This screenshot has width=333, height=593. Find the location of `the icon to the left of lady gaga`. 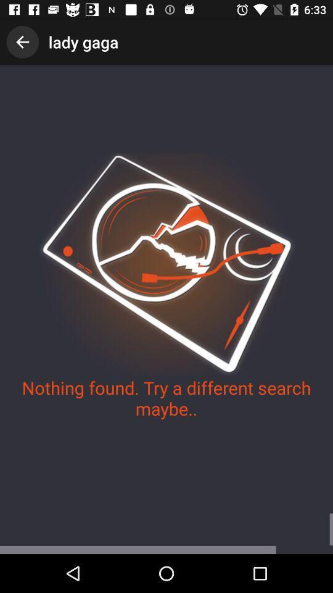

the icon to the left of lady gaga is located at coordinates (22, 42).